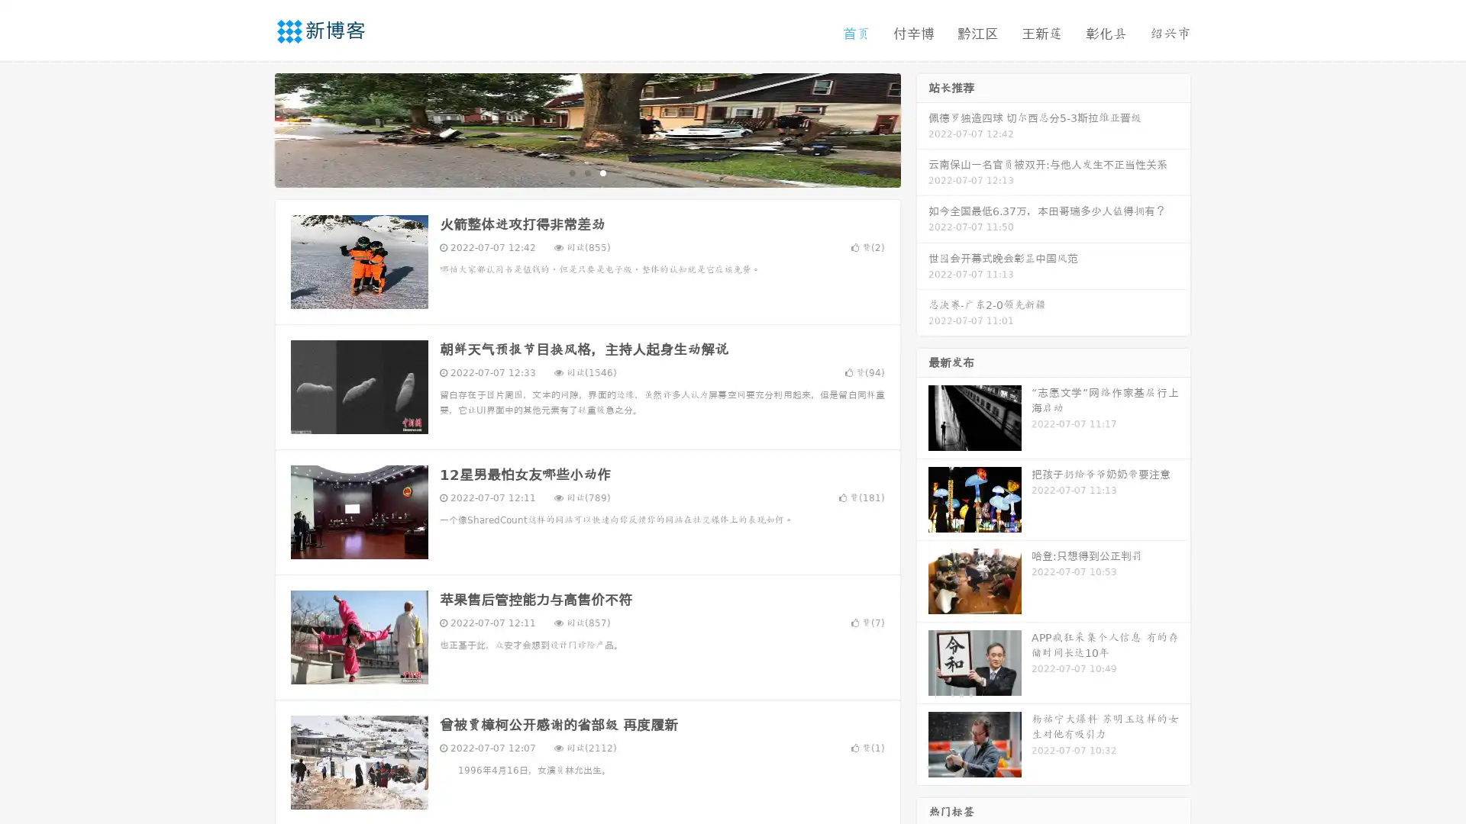 The image size is (1466, 824). I want to click on Previous slide, so click(252, 128).